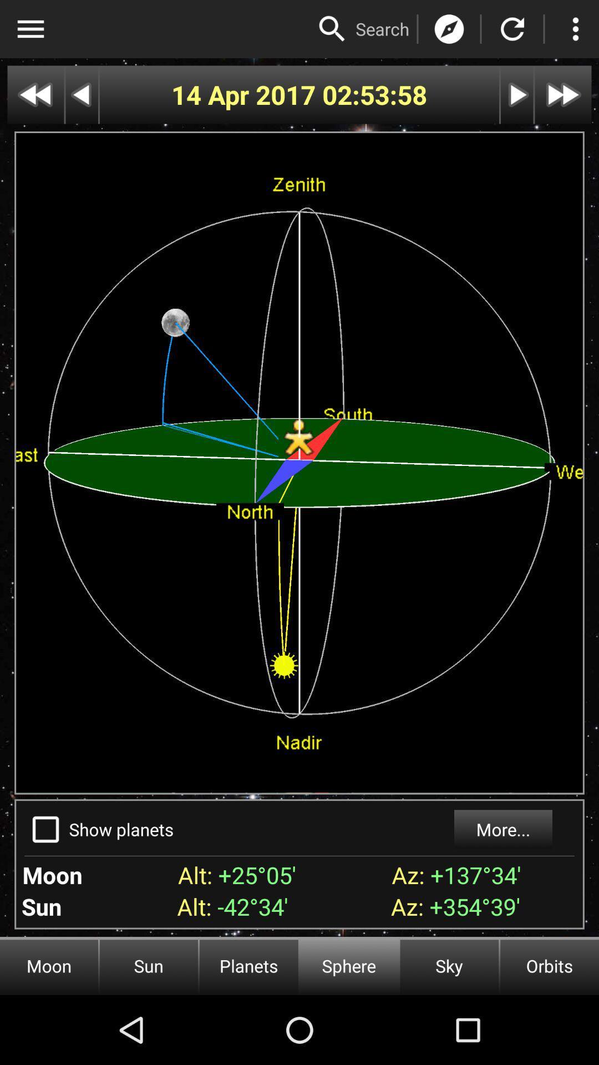 This screenshot has width=599, height=1065. I want to click on the play icon, so click(517, 95).